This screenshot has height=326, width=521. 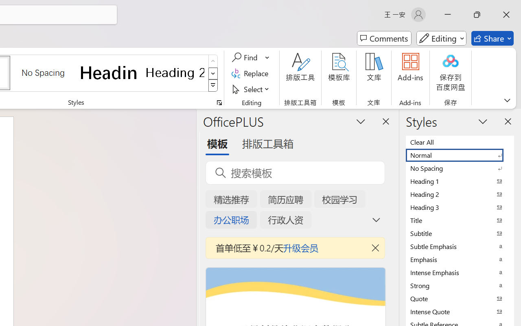 What do you see at coordinates (251, 89) in the screenshot?
I see `'Select'` at bounding box center [251, 89].